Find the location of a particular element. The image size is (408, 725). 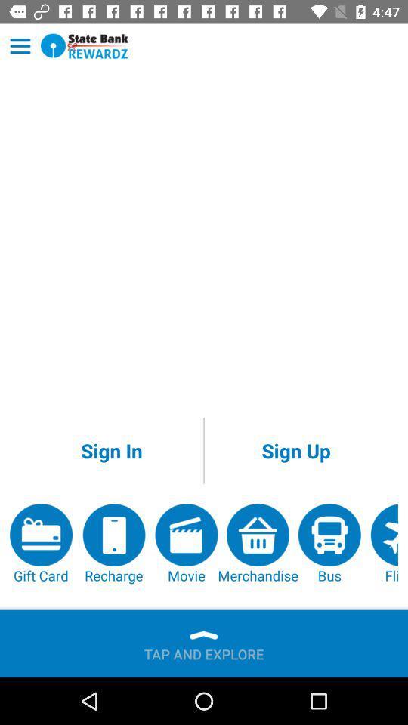

the app to the right of the recharge app is located at coordinates (186, 544).